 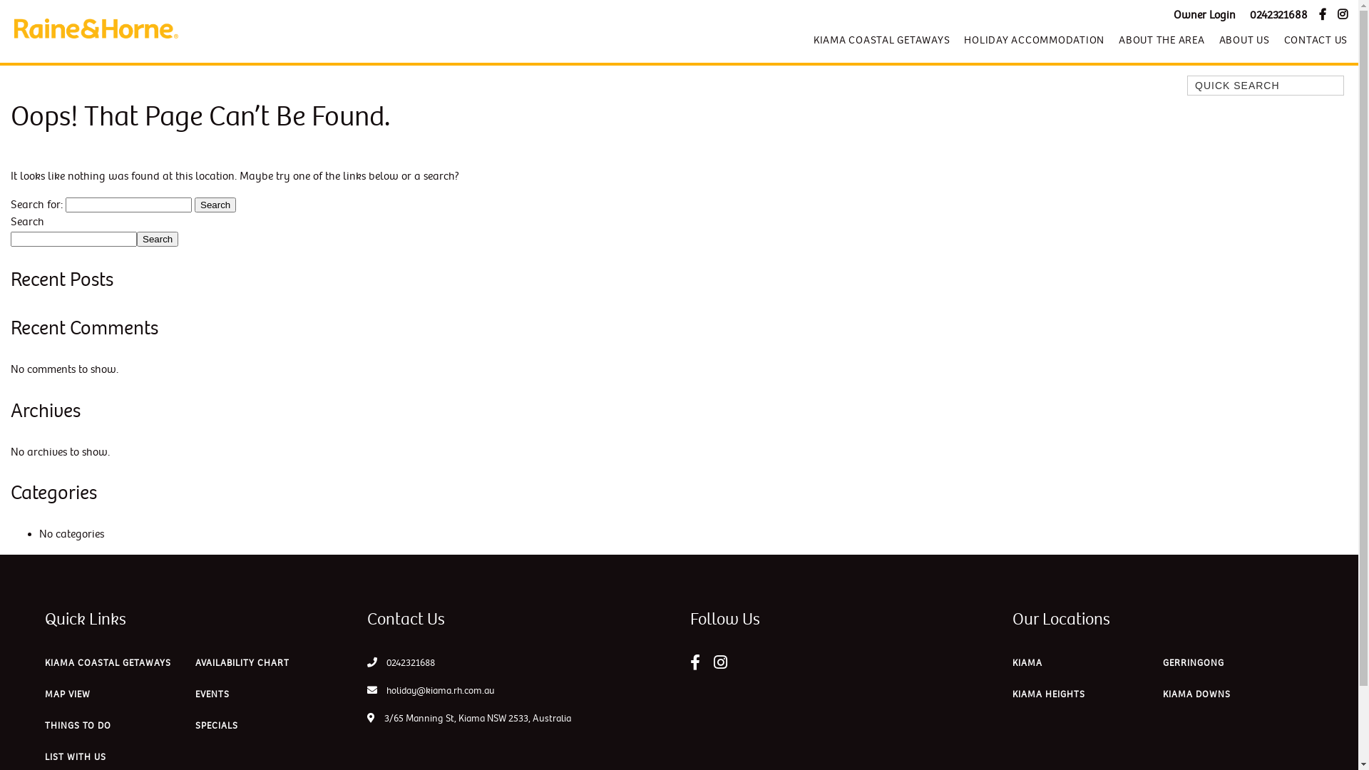 What do you see at coordinates (1278, 15) in the screenshot?
I see `'0242321688'` at bounding box center [1278, 15].